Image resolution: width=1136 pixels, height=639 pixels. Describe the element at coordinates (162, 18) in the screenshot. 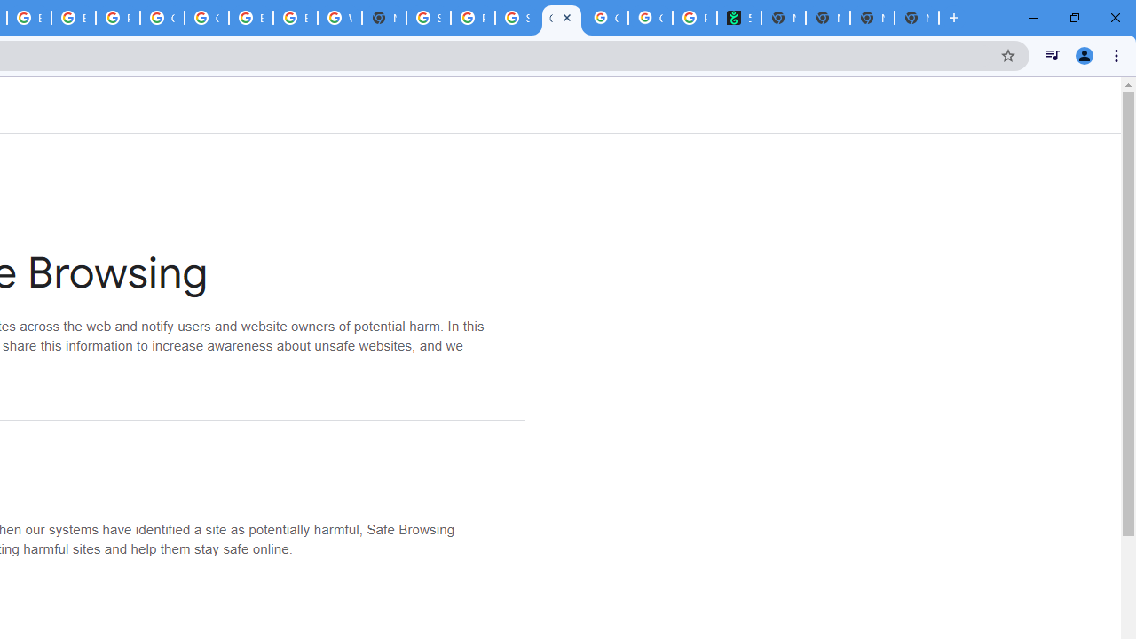

I see `'Google Cloud Platform'` at that location.